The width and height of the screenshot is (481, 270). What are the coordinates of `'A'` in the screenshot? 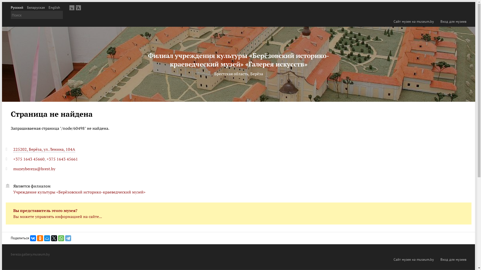 It's located at (72, 7).